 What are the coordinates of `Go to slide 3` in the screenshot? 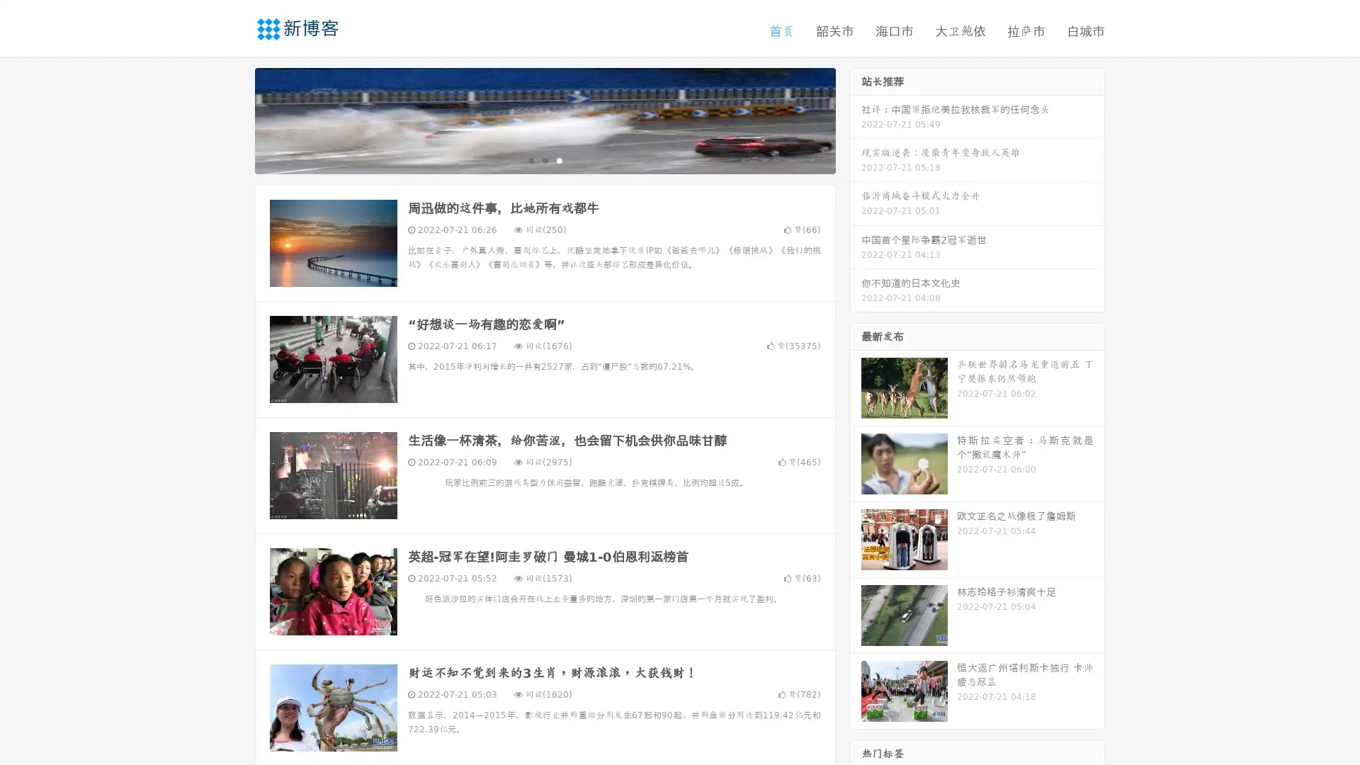 It's located at (559, 159).